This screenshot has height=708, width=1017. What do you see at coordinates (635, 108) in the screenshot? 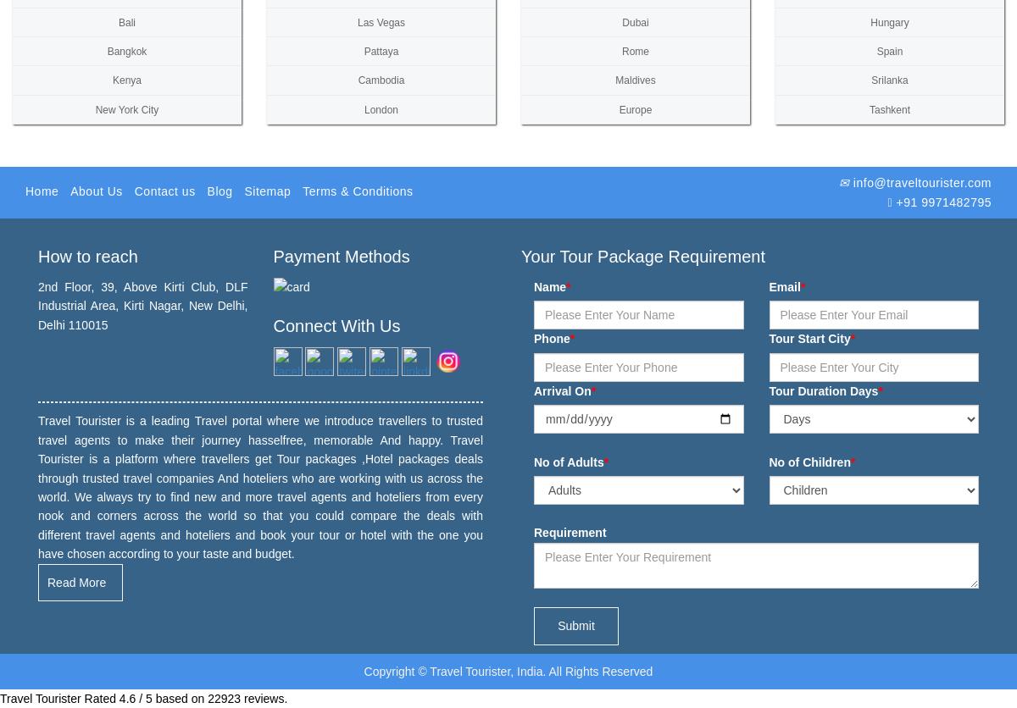
I see `'Europe'` at bounding box center [635, 108].